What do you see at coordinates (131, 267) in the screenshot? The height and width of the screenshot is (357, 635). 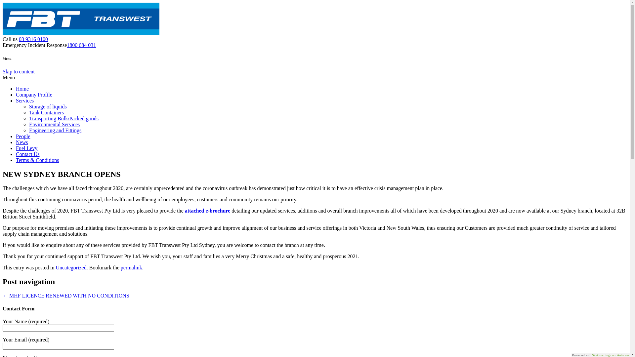 I see `'permalink'` at bounding box center [131, 267].